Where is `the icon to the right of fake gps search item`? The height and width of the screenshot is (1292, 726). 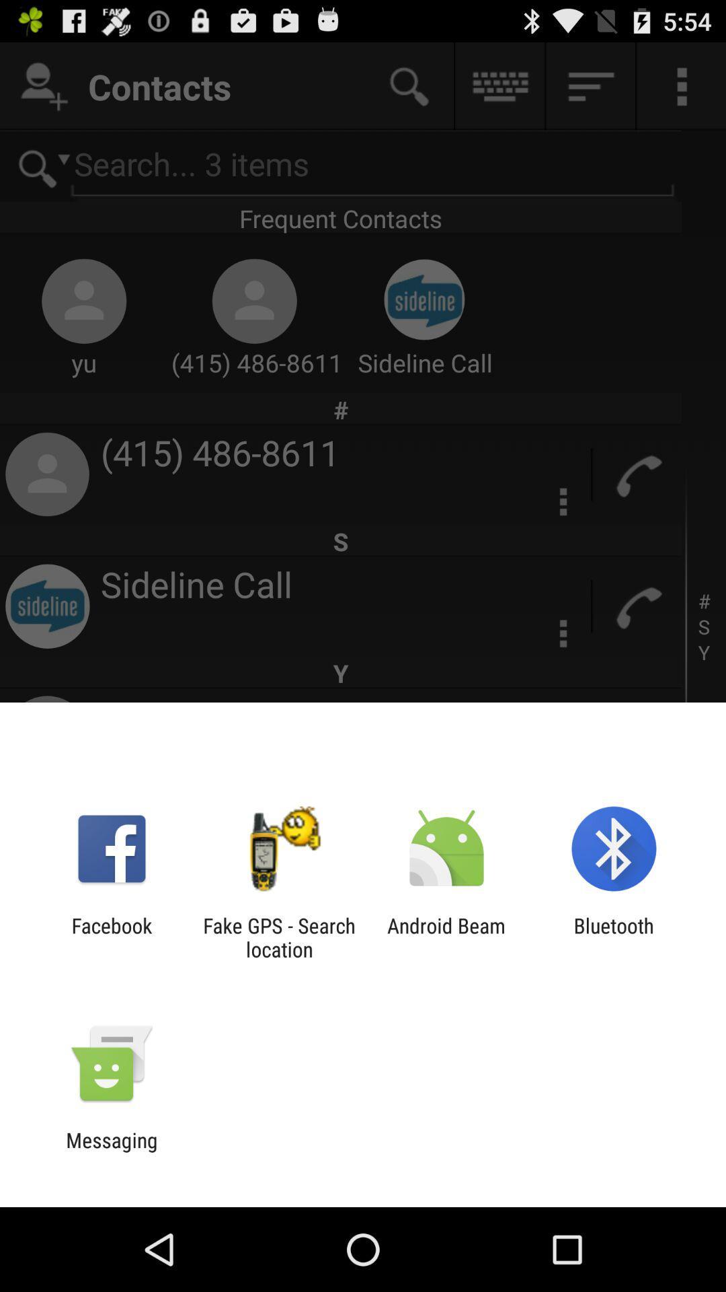 the icon to the right of fake gps search item is located at coordinates (446, 937).